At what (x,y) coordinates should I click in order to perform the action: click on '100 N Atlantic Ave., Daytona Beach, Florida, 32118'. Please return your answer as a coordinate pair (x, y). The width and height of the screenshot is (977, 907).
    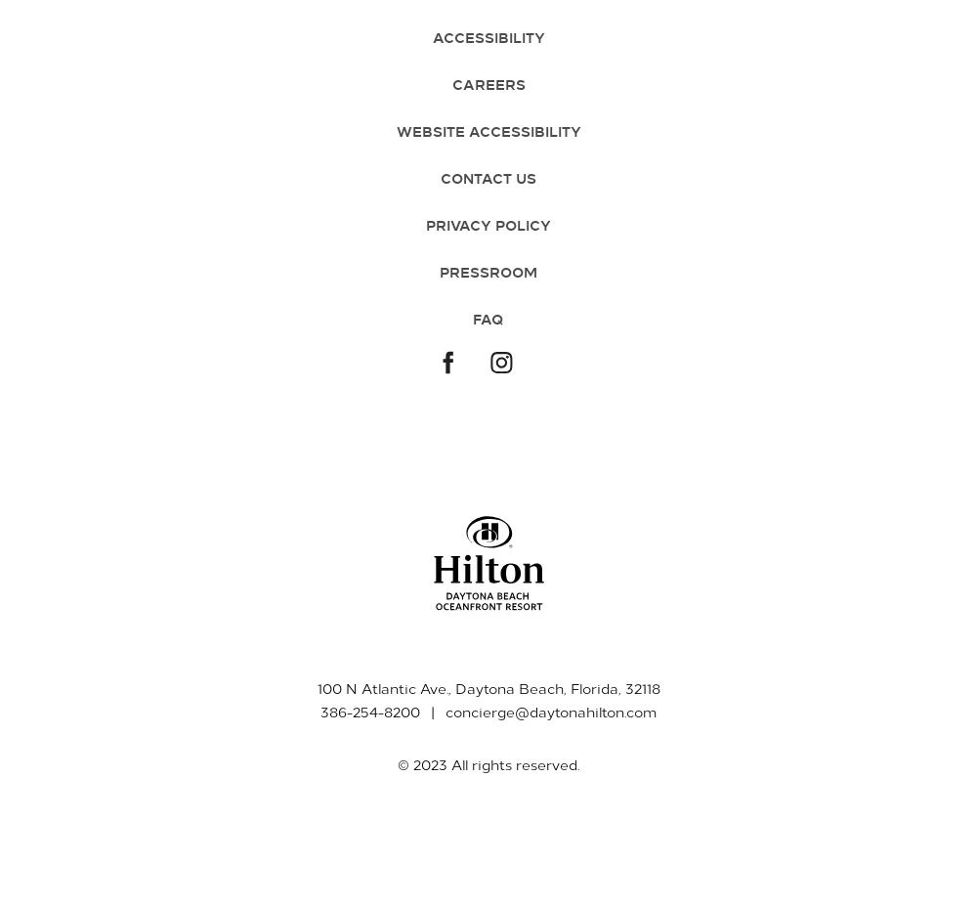
    Looking at the image, I should click on (487, 687).